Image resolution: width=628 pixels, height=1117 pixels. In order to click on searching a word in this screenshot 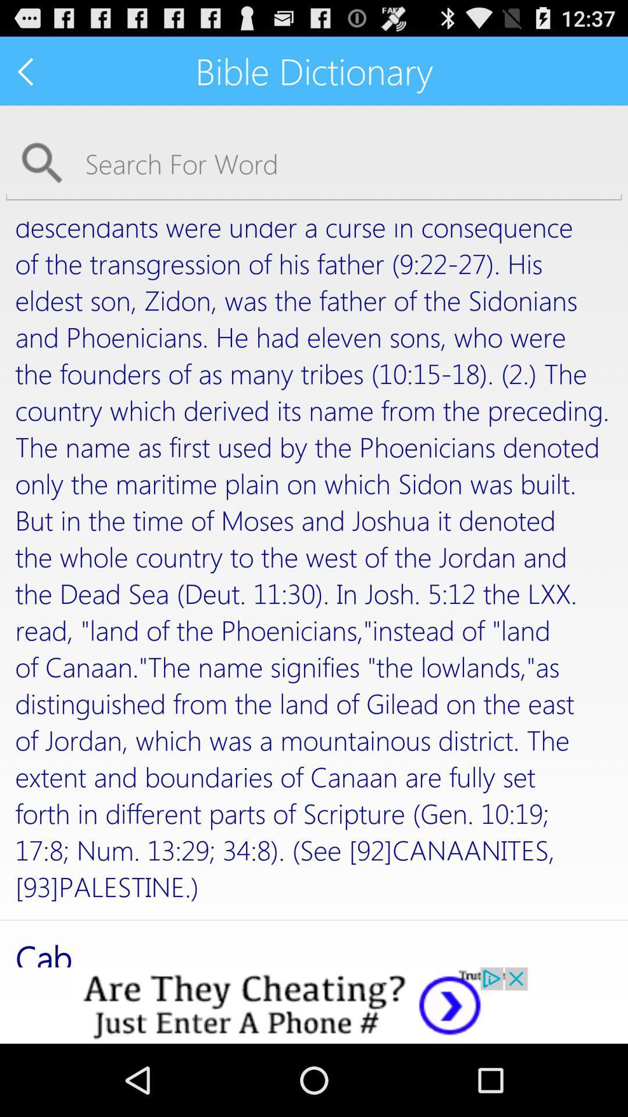, I will do `click(314, 163)`.